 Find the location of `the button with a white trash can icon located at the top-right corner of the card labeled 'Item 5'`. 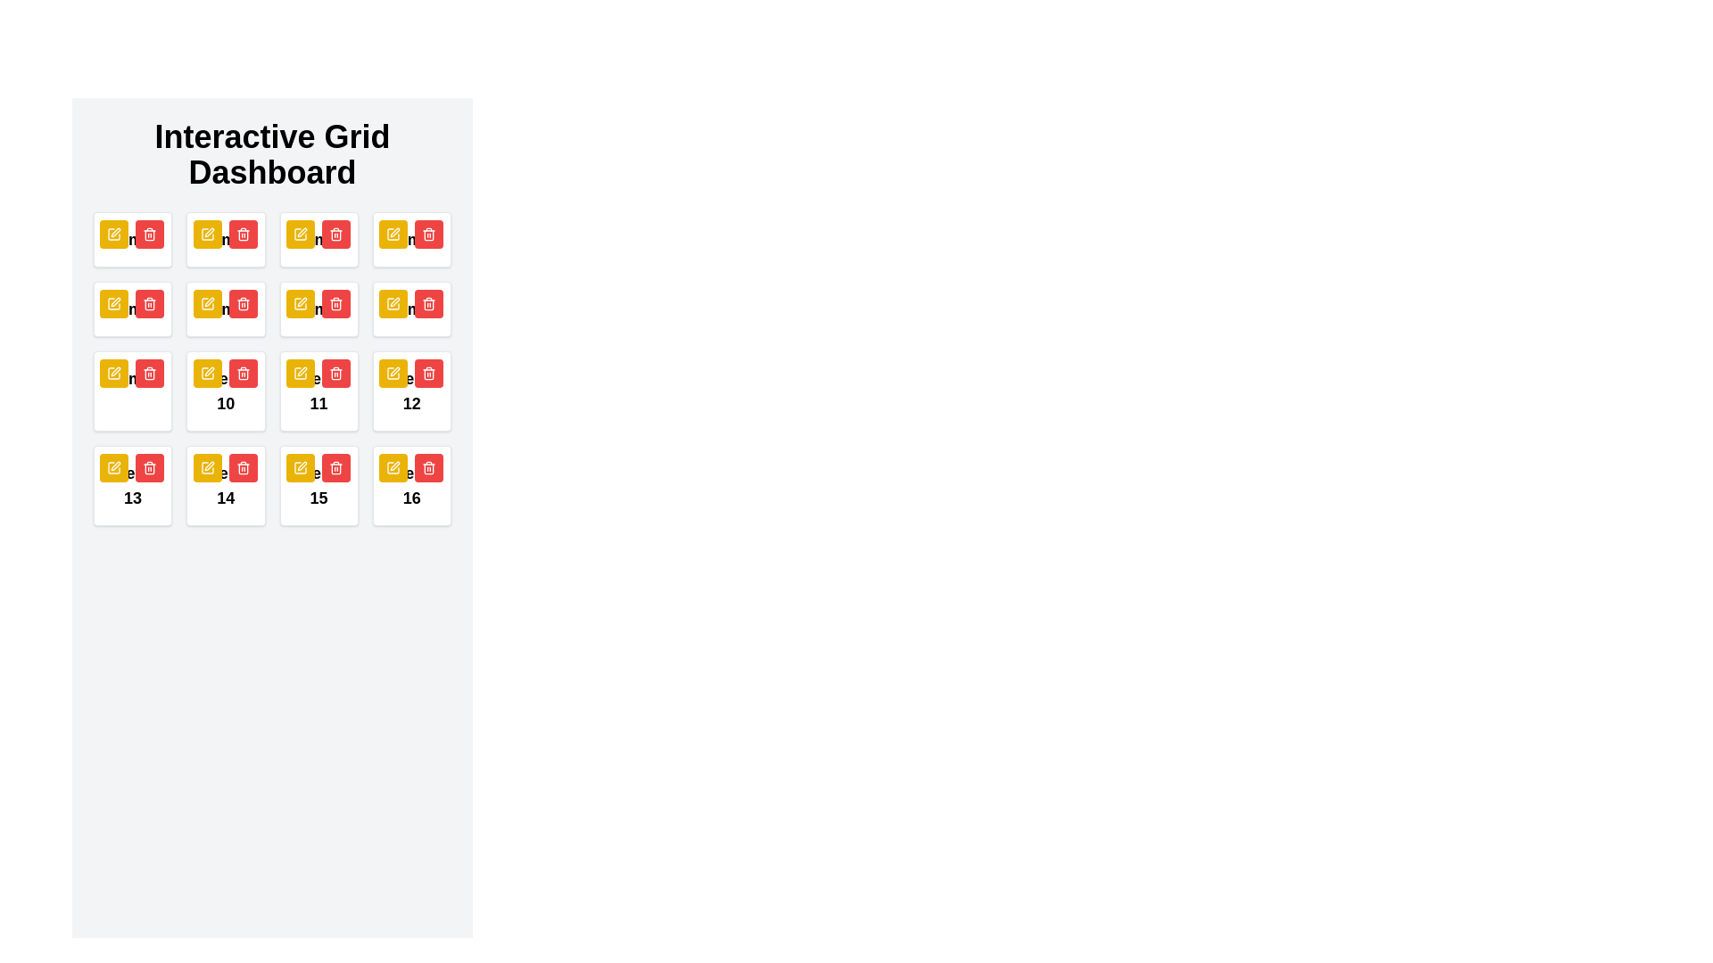

the button with a white trash can icon located at the top-right corner of the card labeled 'Item 5' is located at coordinates (131, 302).